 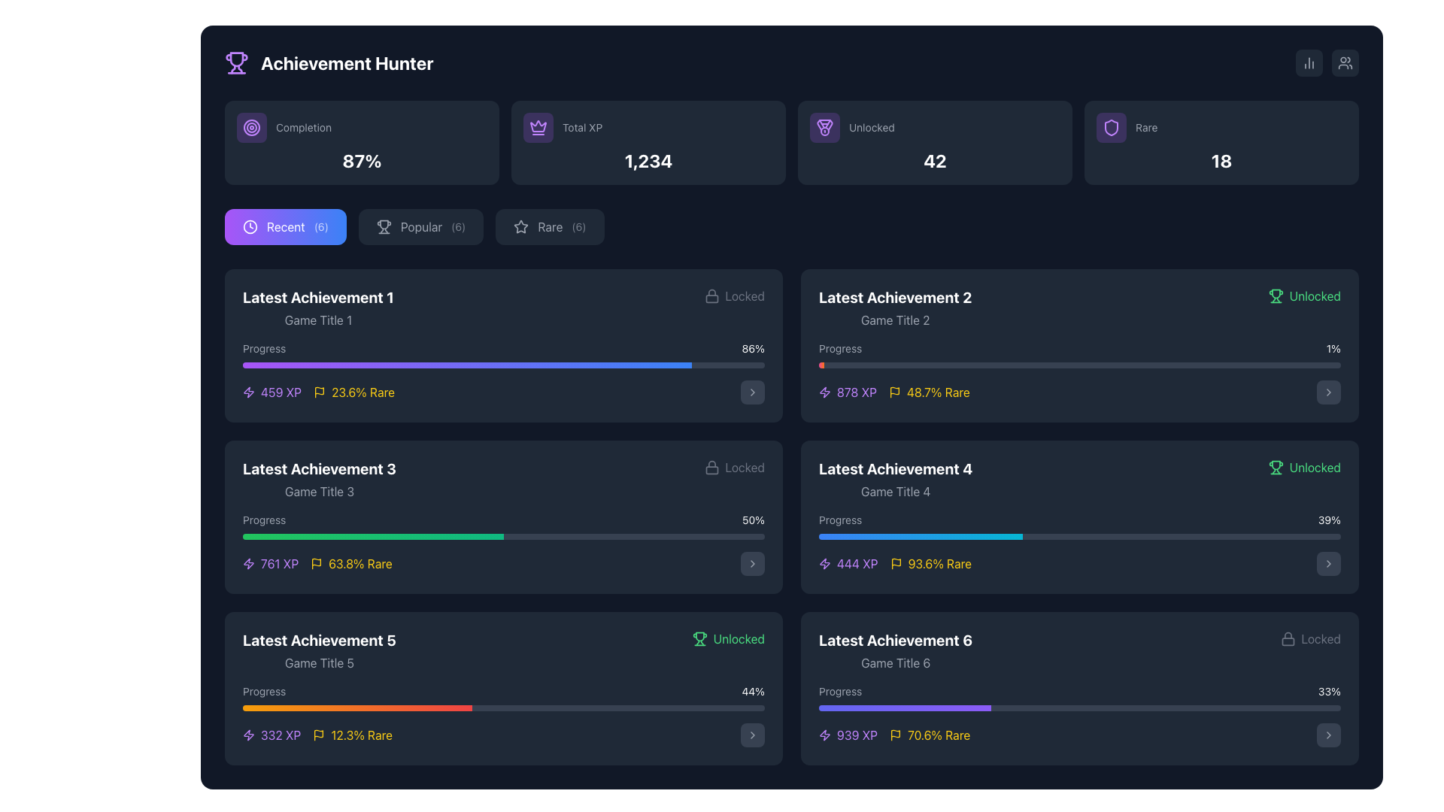 What do you see at coordinates (1275, 466) in the screenshot?
I see `the green trophy icon located next to the 'Unlocked' text in the 'Latest Achievement 6' section` at bounding box center [1275, 466].